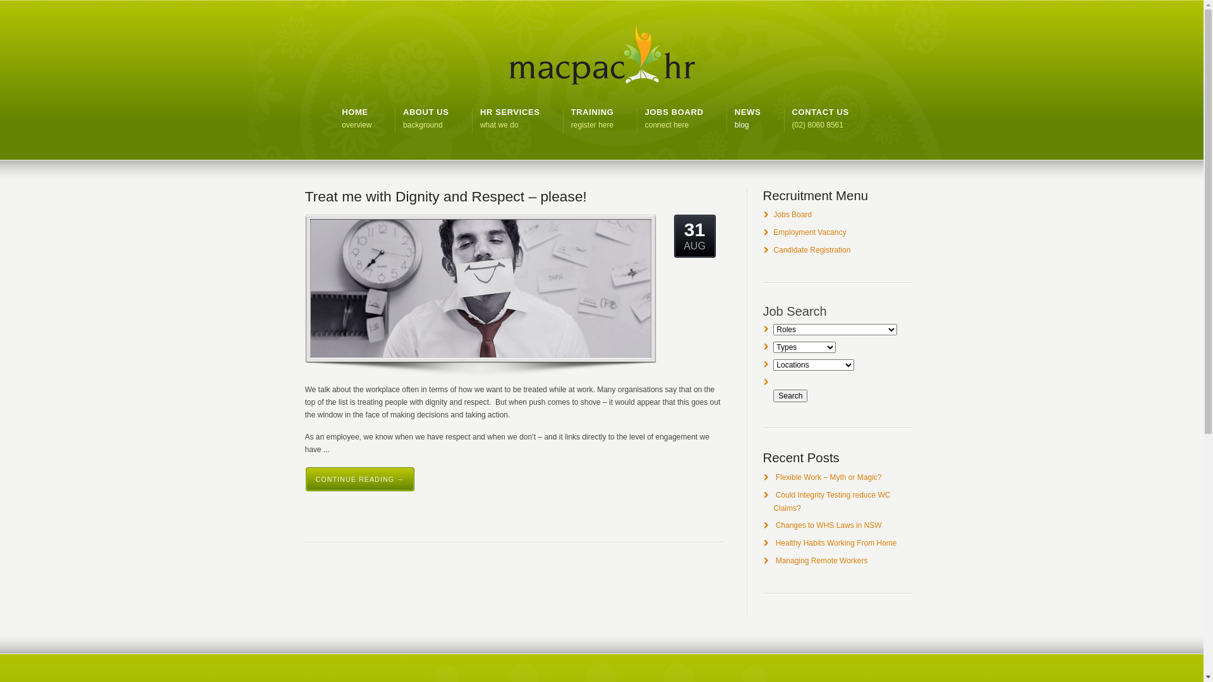  What do you see at coordinates (809, 232) in the screenshot?
I see `'Employment Vacancy'` at bounding box center [809, 232].